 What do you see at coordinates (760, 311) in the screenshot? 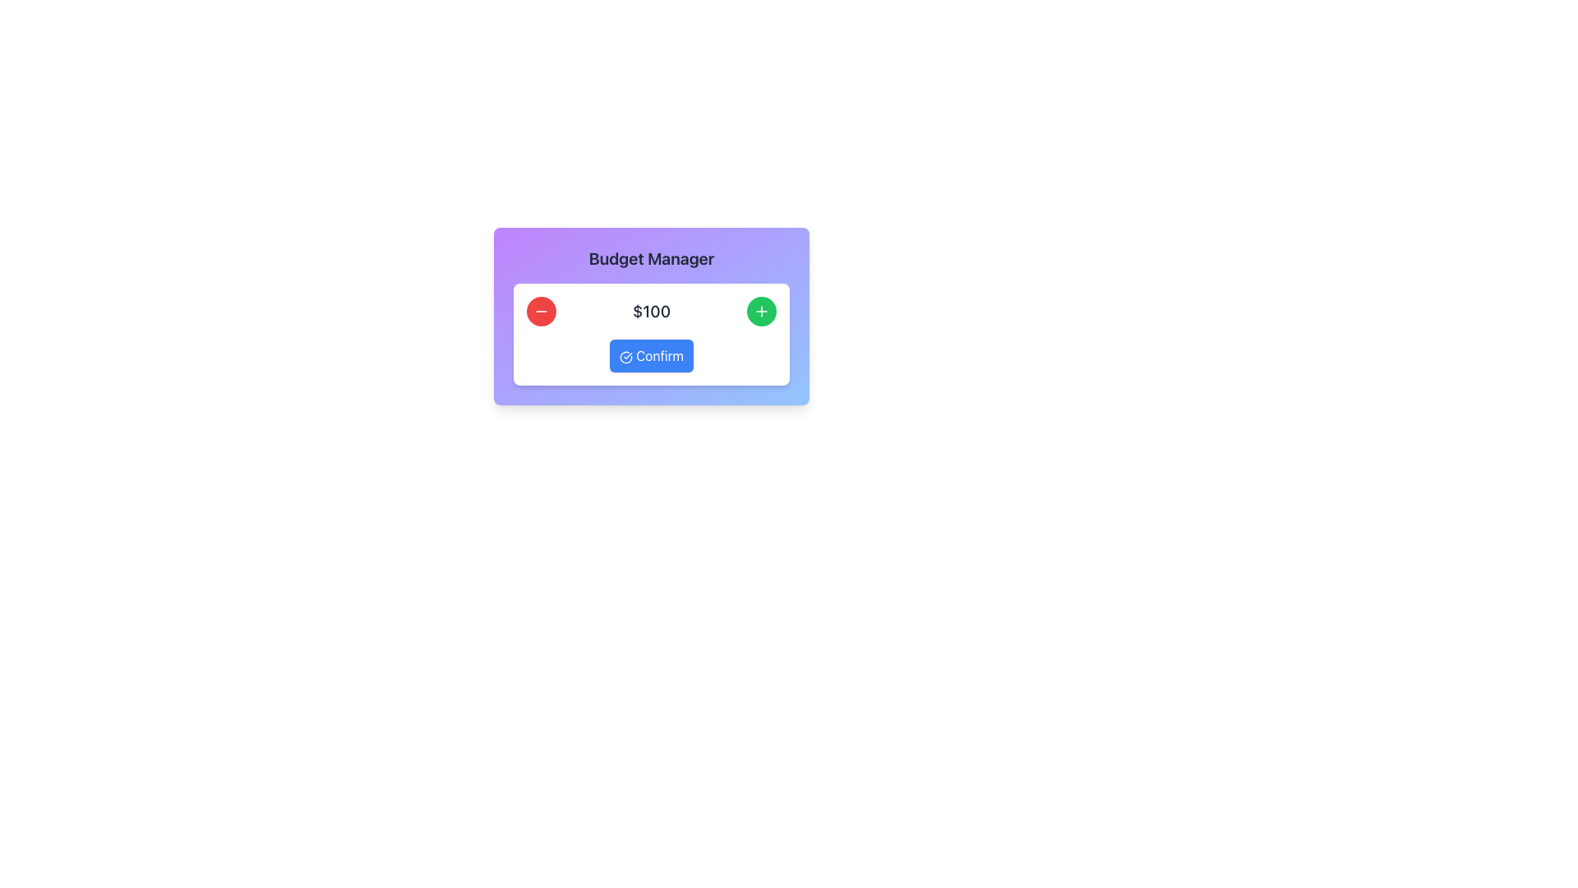
I see `the increment button located to the right of the '$100' text element` at bounding box center [760, 311].